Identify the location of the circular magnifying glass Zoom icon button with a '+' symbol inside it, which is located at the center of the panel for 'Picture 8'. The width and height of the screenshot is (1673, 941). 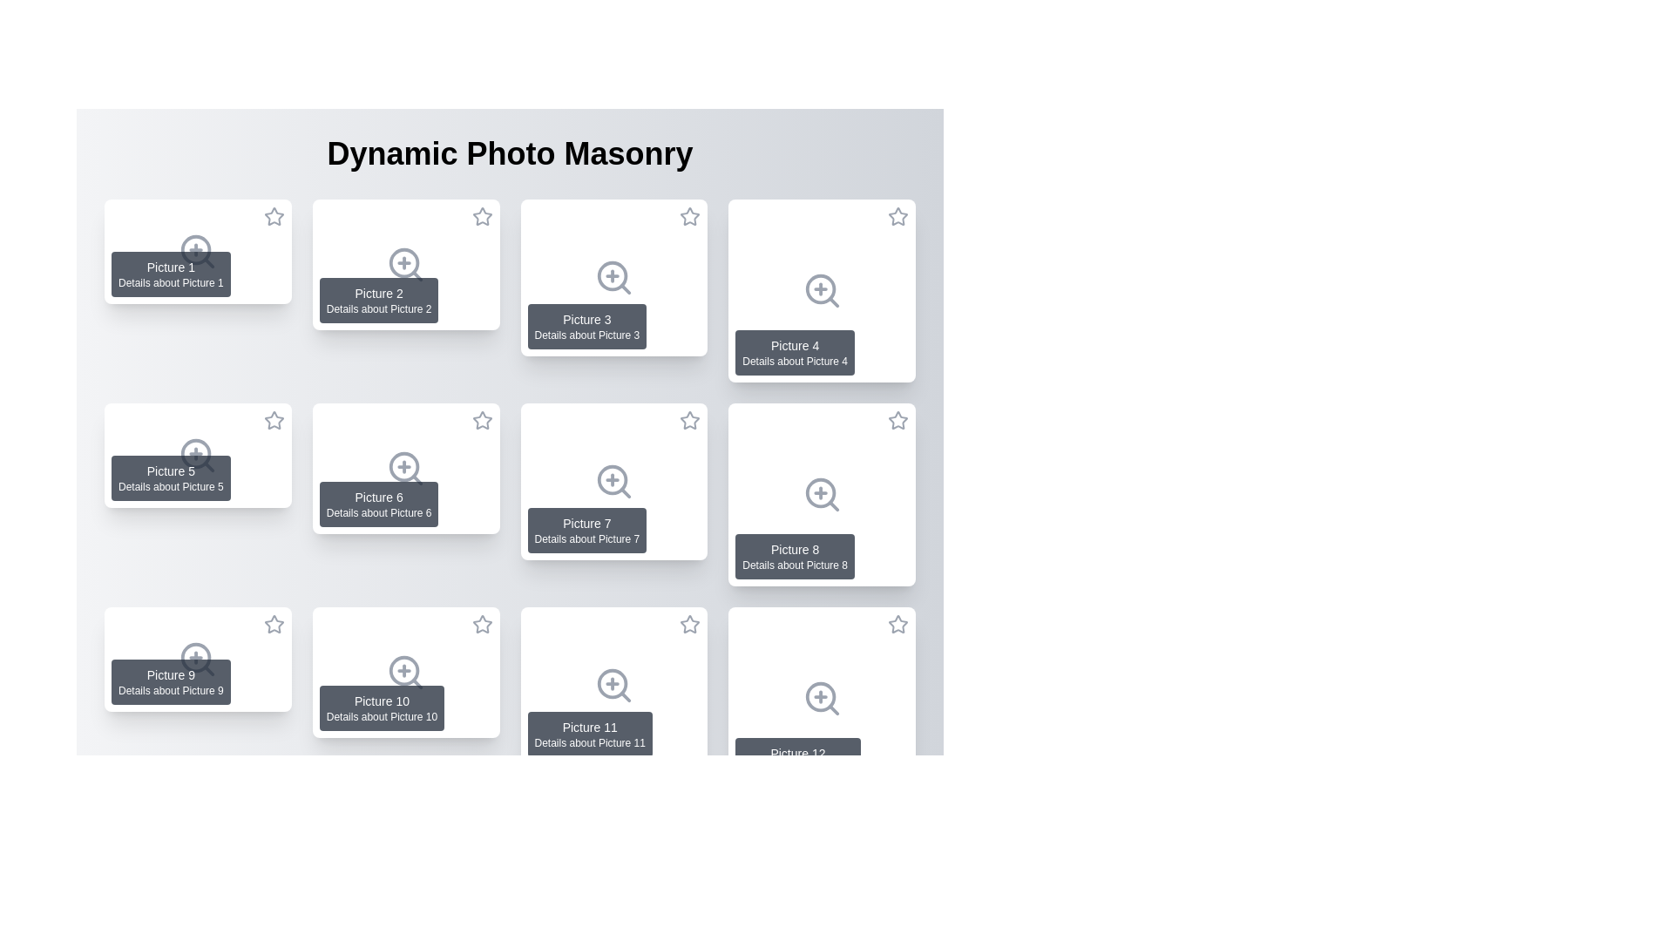
(821, 494).